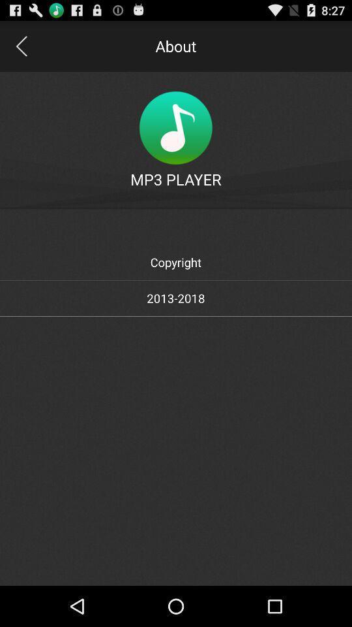  Describe the element at coordinates (20, 46) in the screenshot. I see `item at the top left corner` at that location.